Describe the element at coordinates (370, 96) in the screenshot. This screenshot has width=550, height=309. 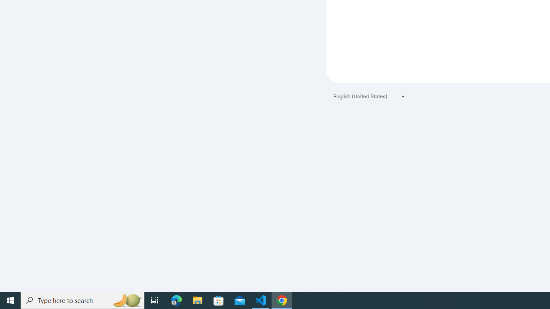
I see `'English (United States)'` at that location.